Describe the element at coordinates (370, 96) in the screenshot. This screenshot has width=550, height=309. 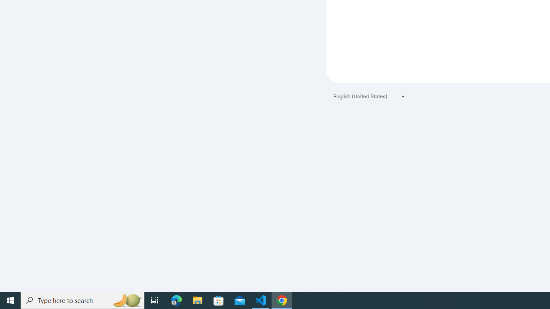
I see `'English (United States)'` at that location.